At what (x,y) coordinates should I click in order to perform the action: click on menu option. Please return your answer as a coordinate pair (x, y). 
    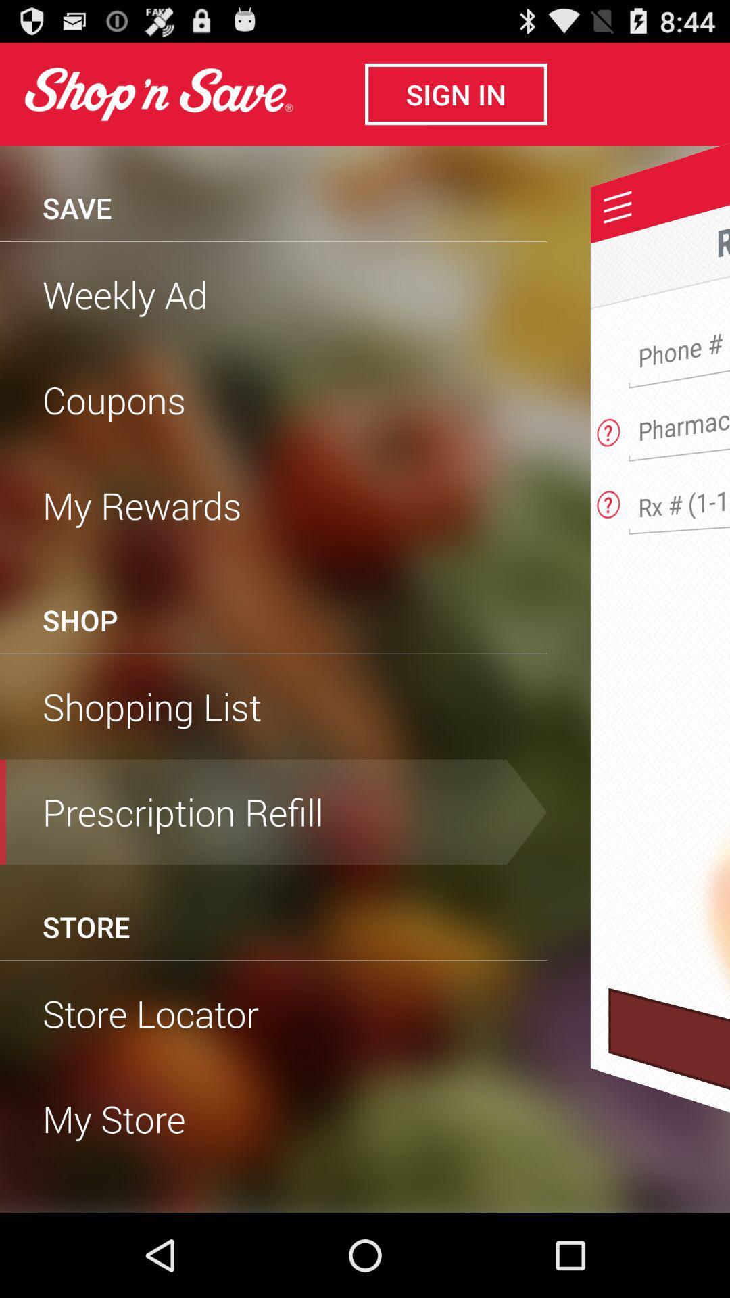
    Looking at the image, I should click on (618, 206).